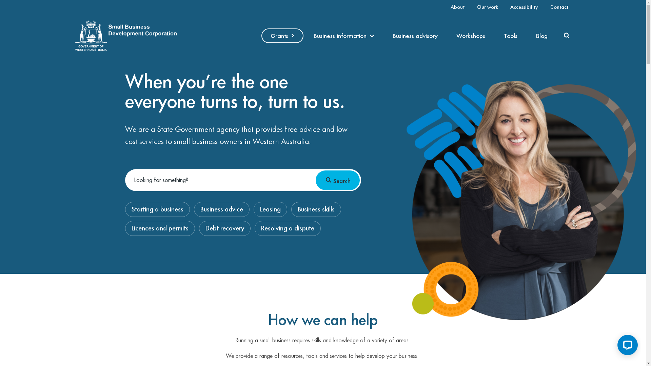 This screenshot has width=651, height=366. Describe the element at coordinates (0, 0) in the screenshot. I see `'Skip to main content'` at that location.